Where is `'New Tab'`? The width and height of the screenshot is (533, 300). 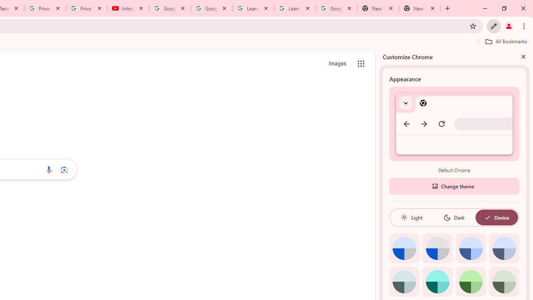
'New Tab' is located at coordinates (420, 8).